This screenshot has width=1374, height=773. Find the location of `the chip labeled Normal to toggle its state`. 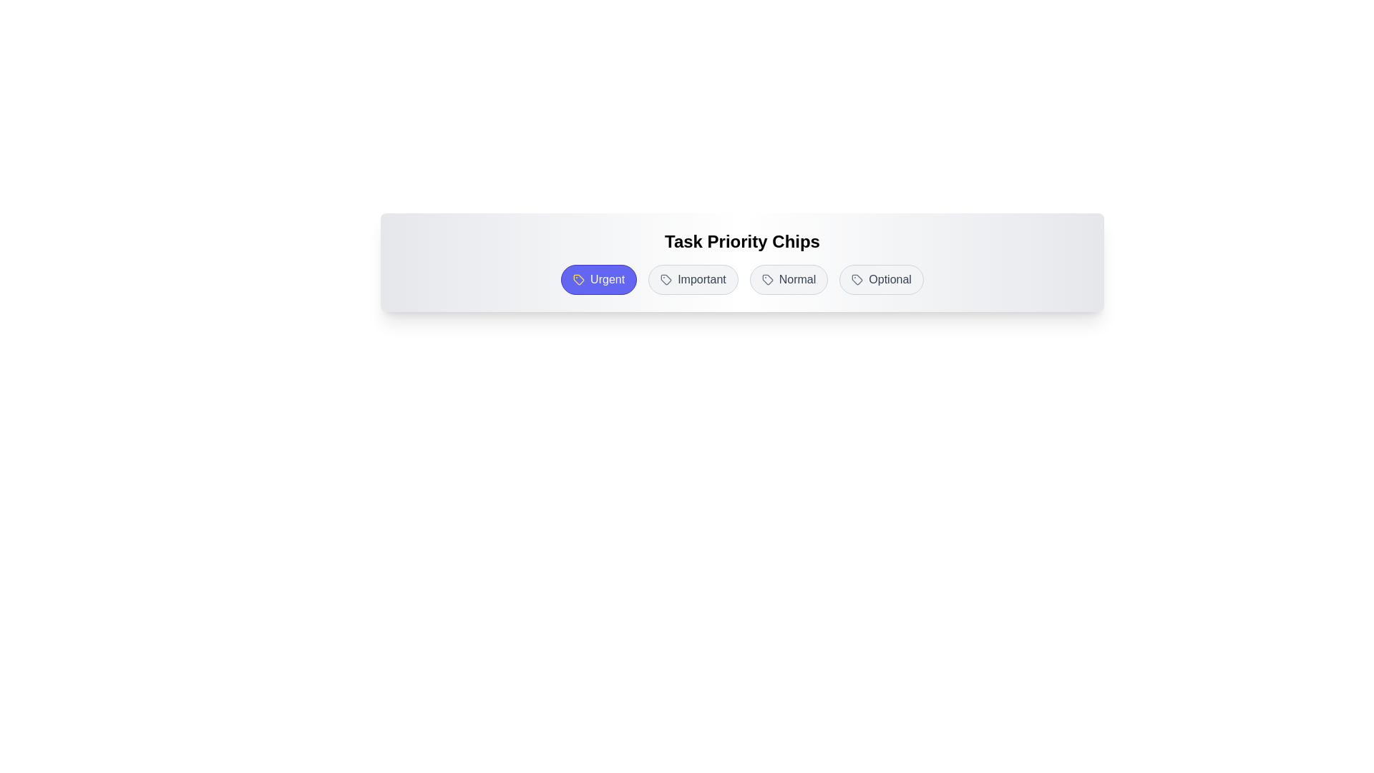

the chip labeled Normal to toggle its state is located at coordinates (788, 279).